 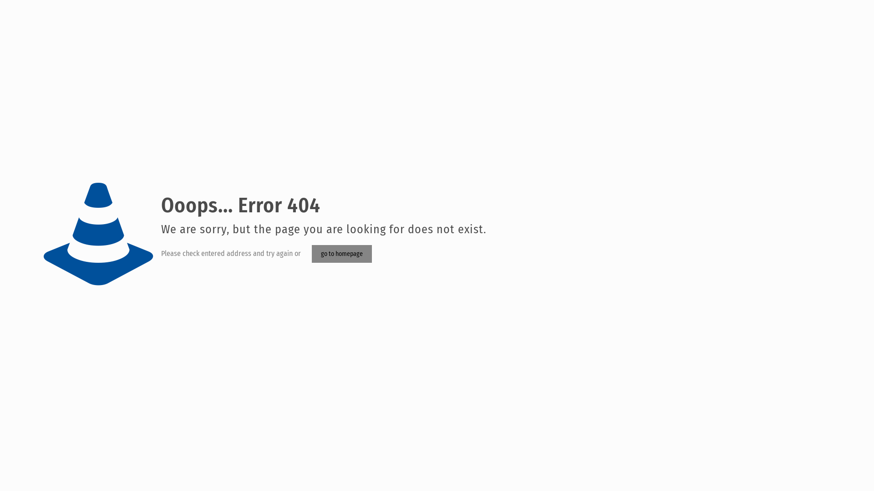 What do you see at coordinates (341, 254) in the screenshot?
I see `'go to homepage'` at bounding box center [341, 254].